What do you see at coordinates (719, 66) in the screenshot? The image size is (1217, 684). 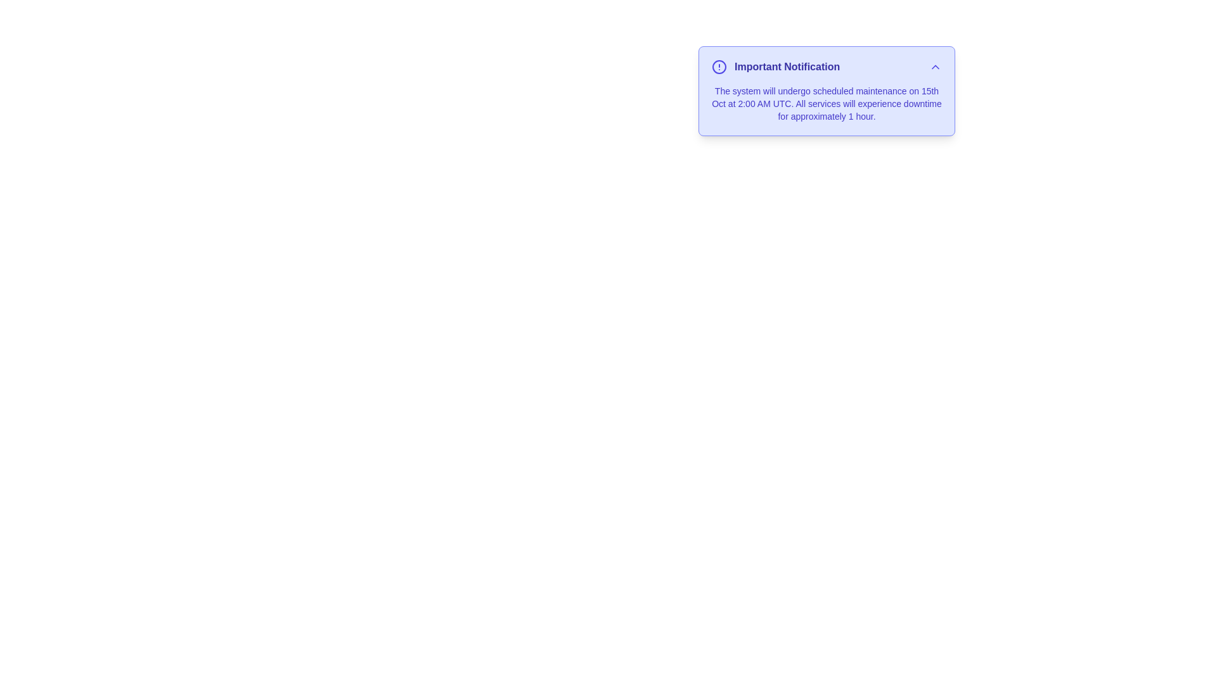 I see `the alert icon to trigger its associated action` at bounding box center [719, 66].